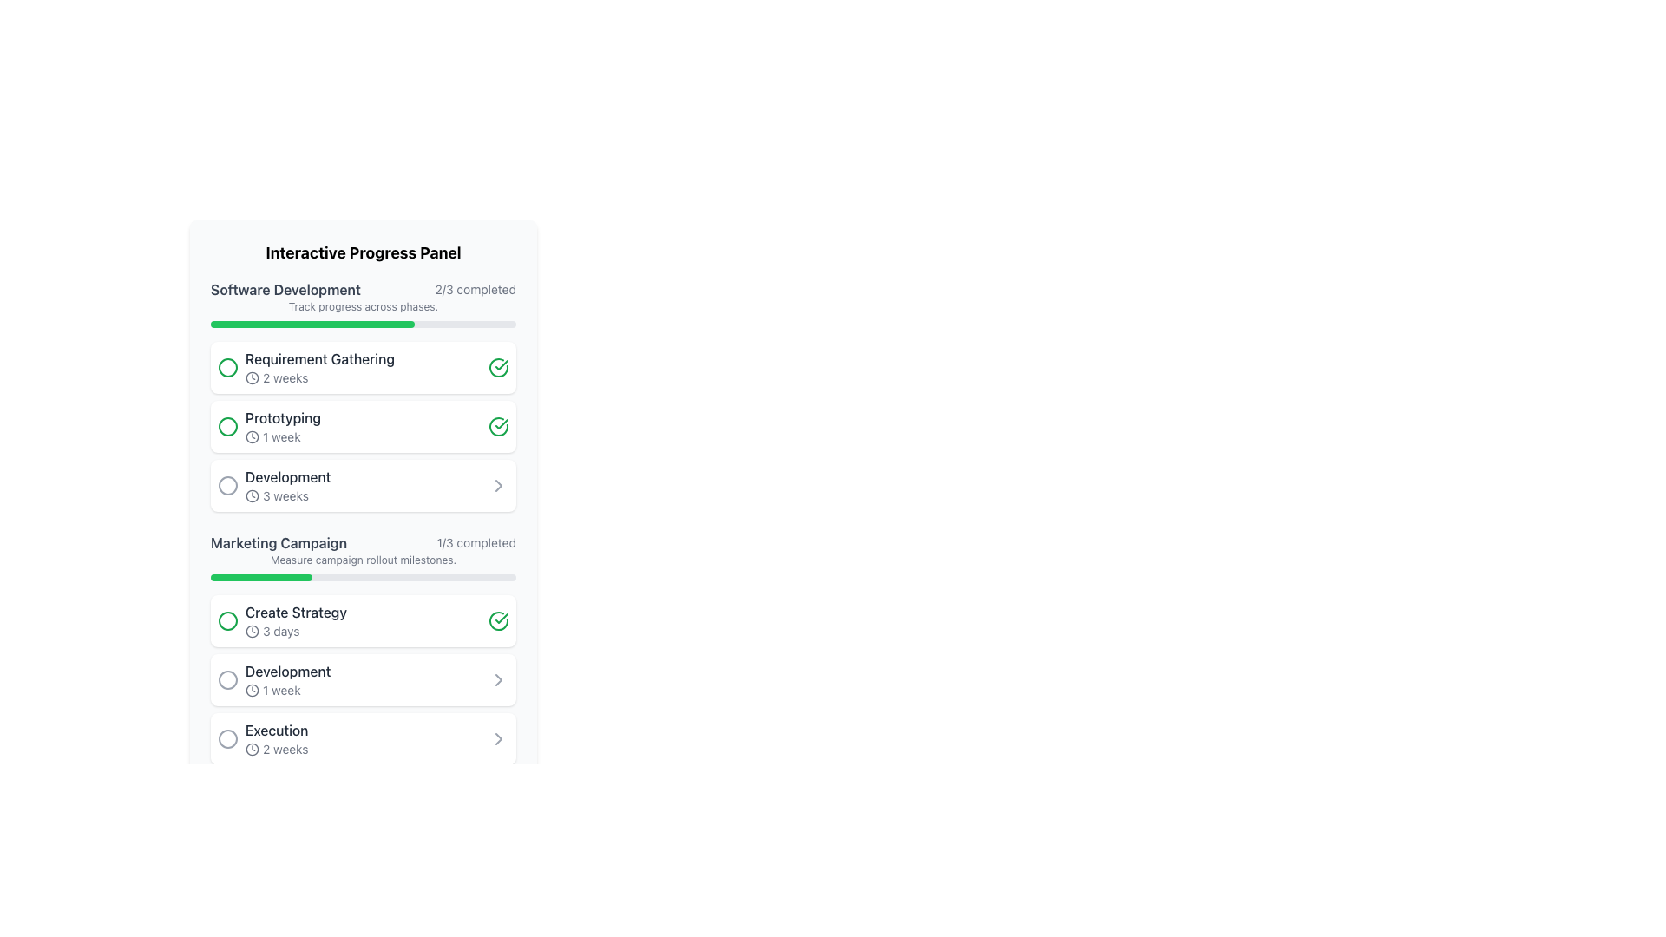 This screenshot has width=1666, height=937. What do you see at coordinates (252, 436) in the screenshot?
I see `the SVG Circle Element representing a clock icon in the Interactive Progress Panel under the Prototyping task item` at bounding box center [252, 436].